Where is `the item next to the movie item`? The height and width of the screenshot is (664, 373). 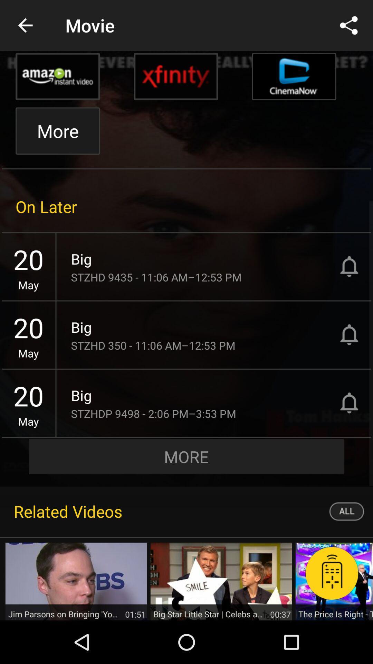 the item next to the movie item is located at coordinates (25, 25).